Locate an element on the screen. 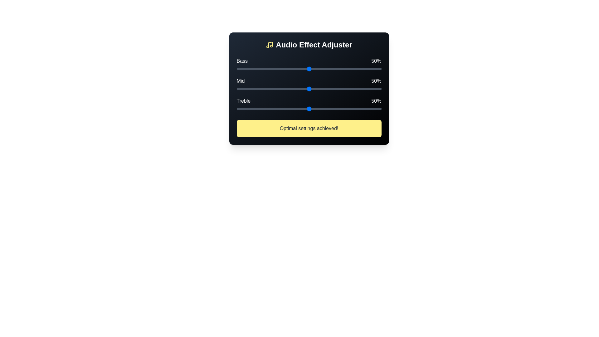  the 'Optimal settings achieved!' message is located at coordinates (309, 128).